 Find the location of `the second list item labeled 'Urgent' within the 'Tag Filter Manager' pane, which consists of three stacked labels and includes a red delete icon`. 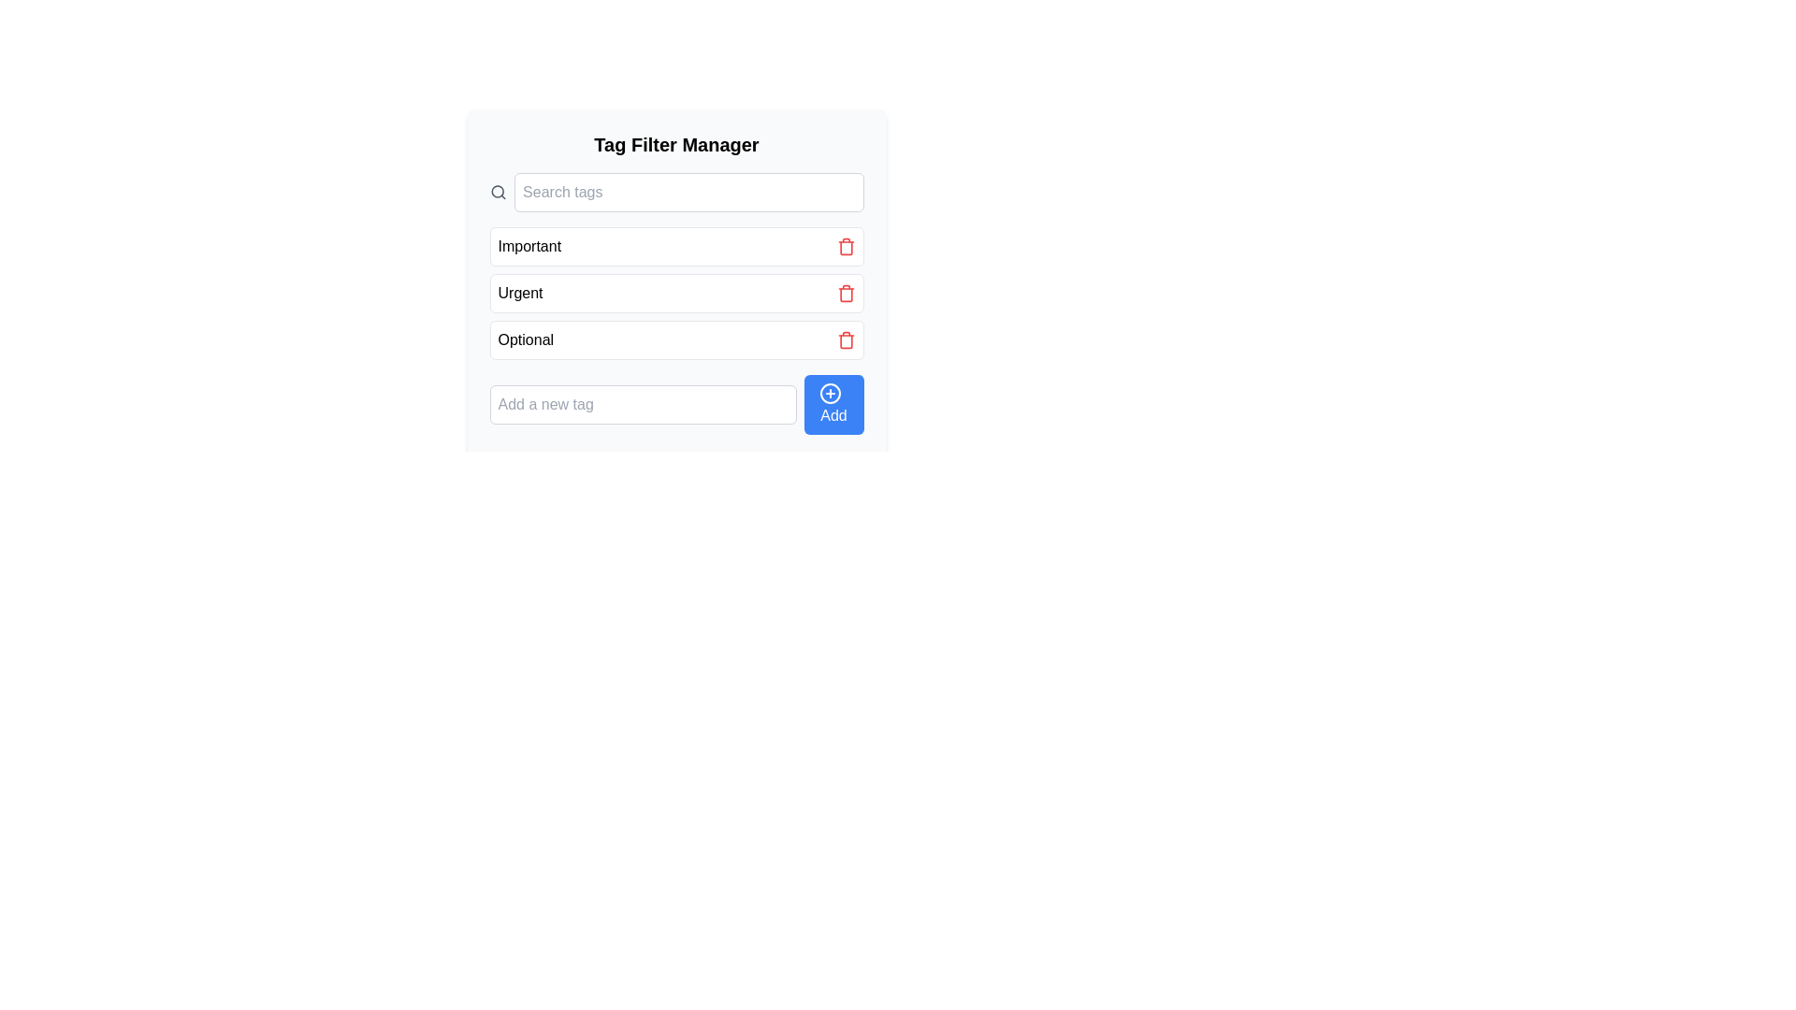

the second list item labeled 'Urgent' within the 'Tag Filter Manager' pane, which consists of three stacked labels and includes a red delete icon is located at coordinates (675, 293).